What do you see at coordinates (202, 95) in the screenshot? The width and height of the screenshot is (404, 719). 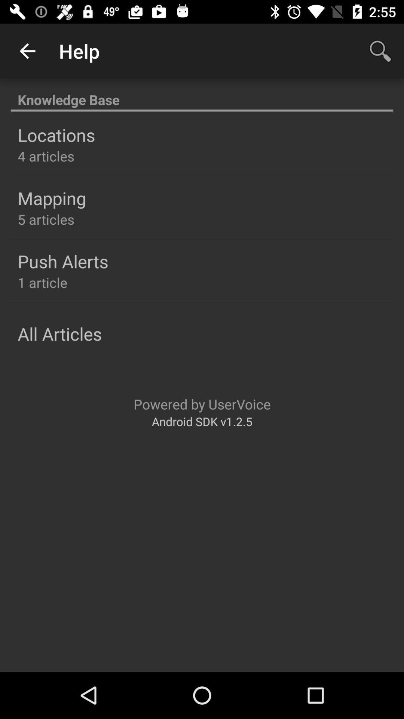 I see `knowledge base item` at bounding box center [202, 95].